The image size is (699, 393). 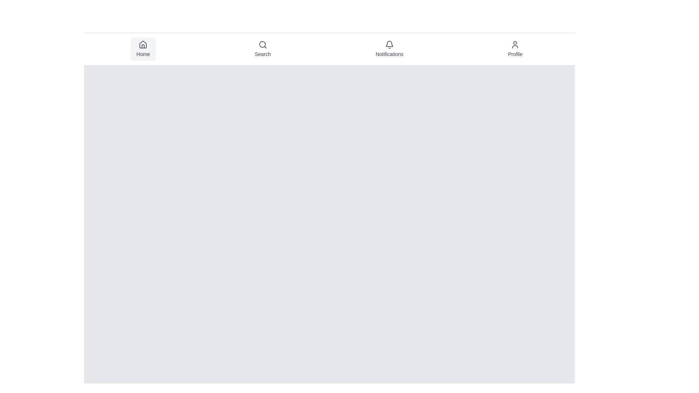 What do you see at coordinates (389, 54) in the screenshot?
I see `the Notifications label text located in the top navigation bar beneath the bell icon to interact with the Notifications section` at bounding box center [389, 54].